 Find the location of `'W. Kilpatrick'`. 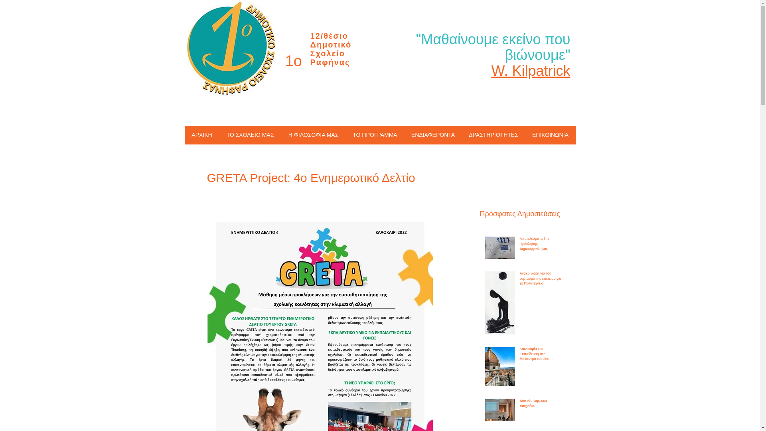

'W. Kilpatrick' is located at coordinates (530, 70).